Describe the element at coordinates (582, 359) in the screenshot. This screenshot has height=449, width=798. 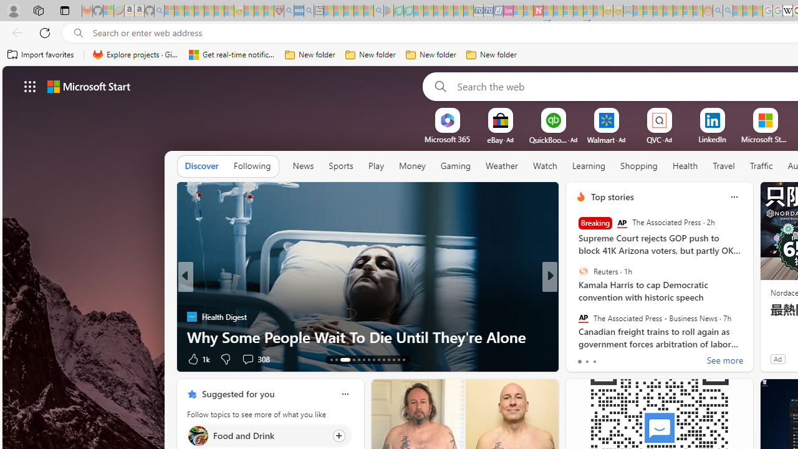
I see `'69 Like'` at that location.